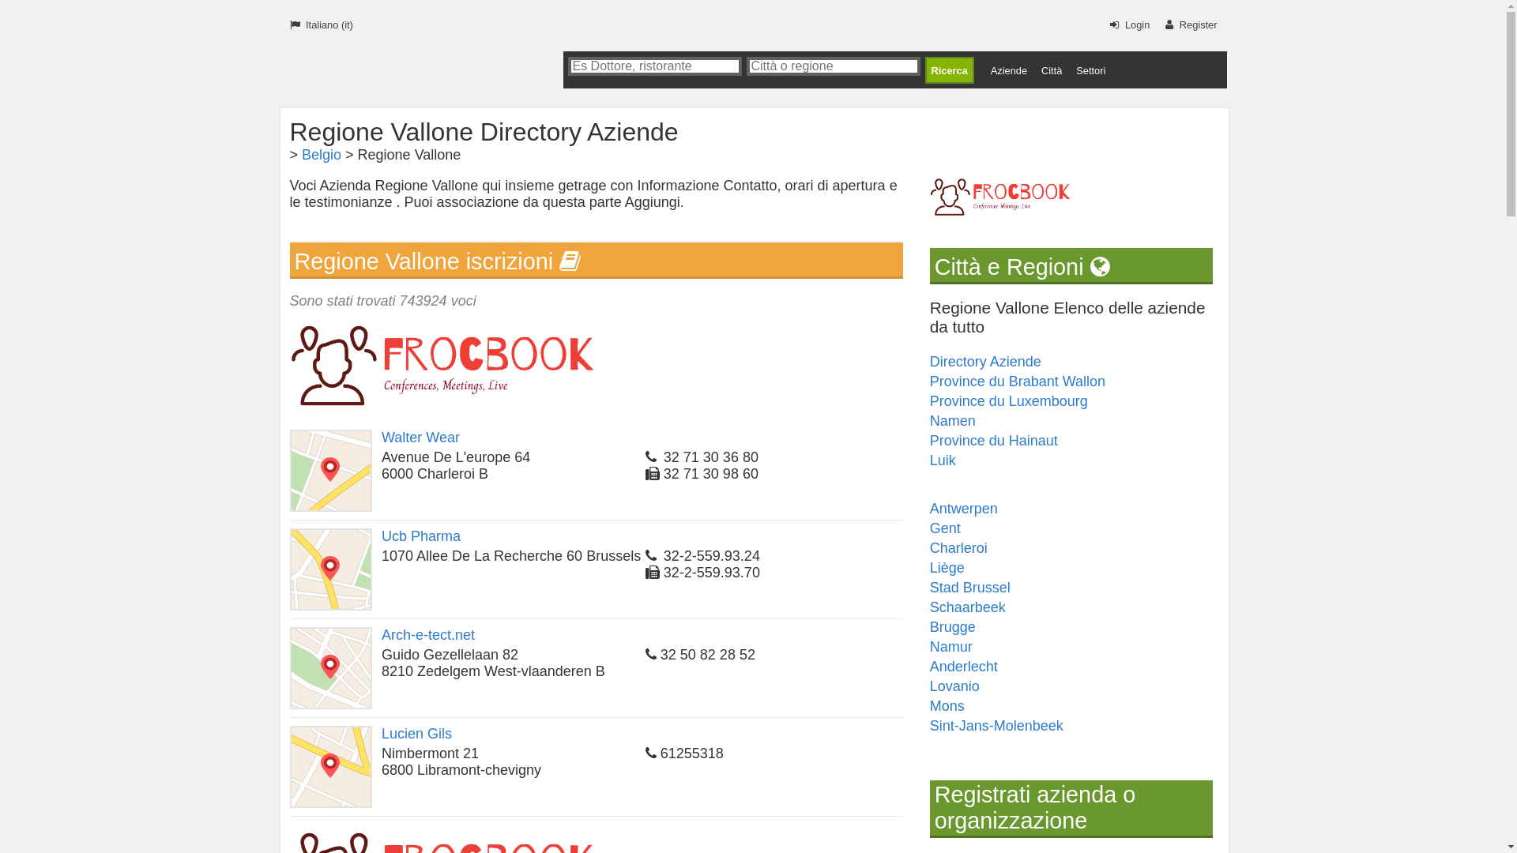  What do you see at coordinates (969, 588) in the screenshot?
I see `'Stad Brussel'` at bounding box center [969, 588].